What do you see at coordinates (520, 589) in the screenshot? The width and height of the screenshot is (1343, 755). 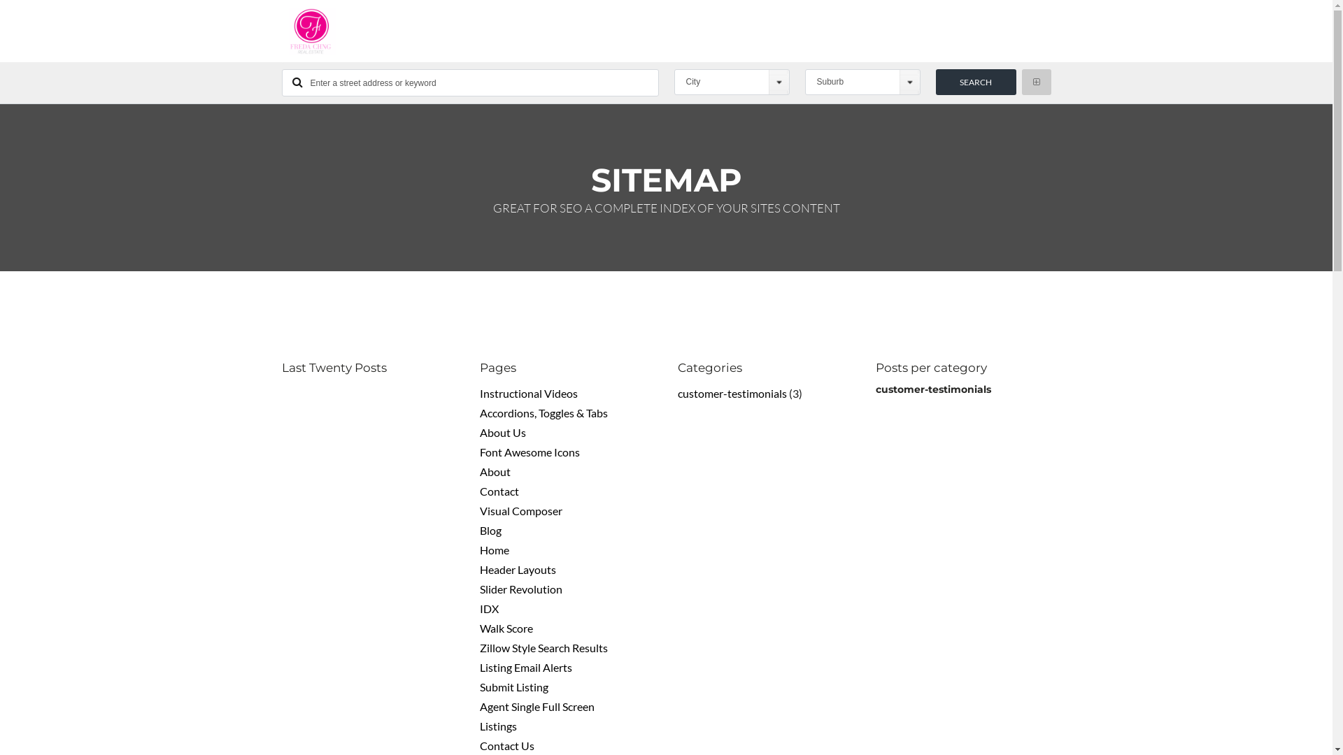 I see `'Slider Revolution'` at bounding box center [520, 589].